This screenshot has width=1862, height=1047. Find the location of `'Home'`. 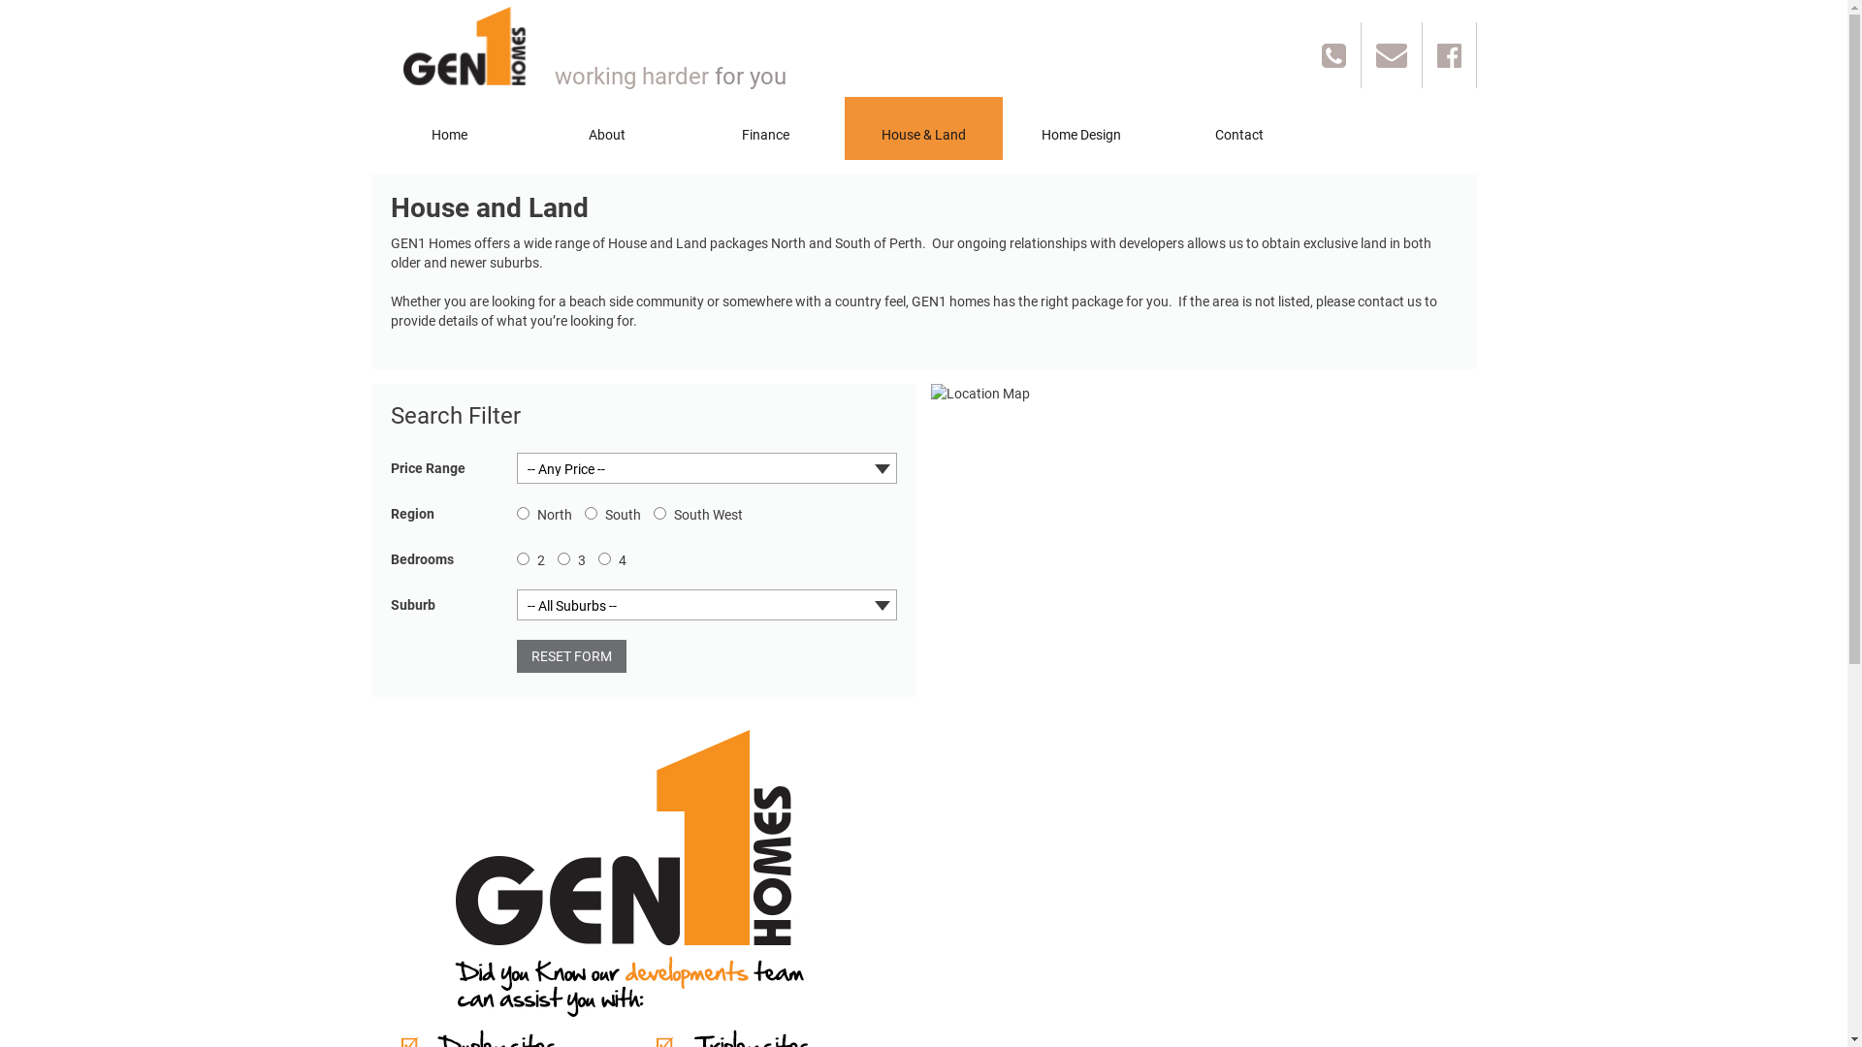

'Home' is located at coordinates (447, 133).